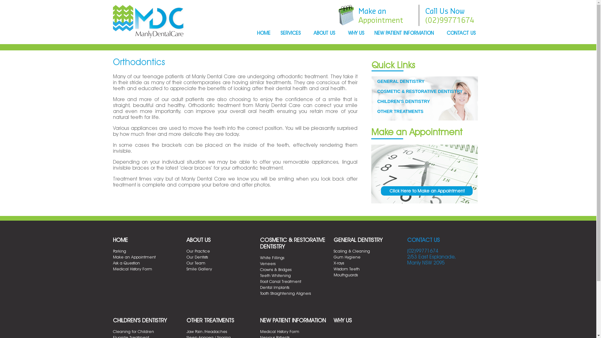  I want to click on 'HOME', so click(120, 239).